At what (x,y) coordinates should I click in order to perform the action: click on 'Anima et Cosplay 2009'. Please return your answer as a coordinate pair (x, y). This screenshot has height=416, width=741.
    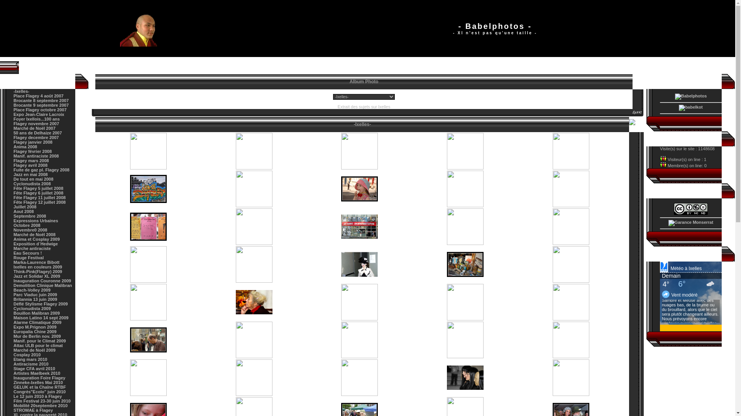
    Looking at the image, I should click on (36, 239).